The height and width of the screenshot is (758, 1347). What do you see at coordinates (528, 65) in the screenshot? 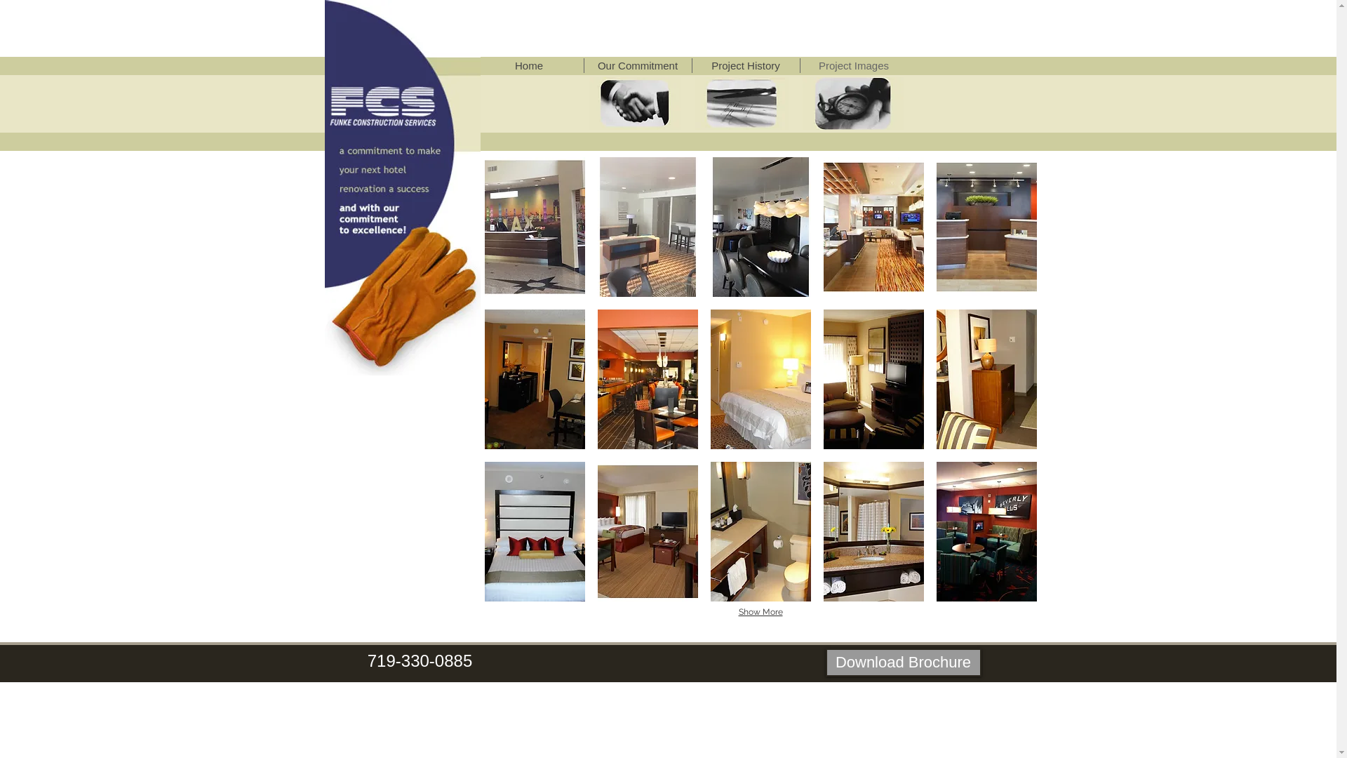
I see `'Home'` at bounding box center [528, 65].